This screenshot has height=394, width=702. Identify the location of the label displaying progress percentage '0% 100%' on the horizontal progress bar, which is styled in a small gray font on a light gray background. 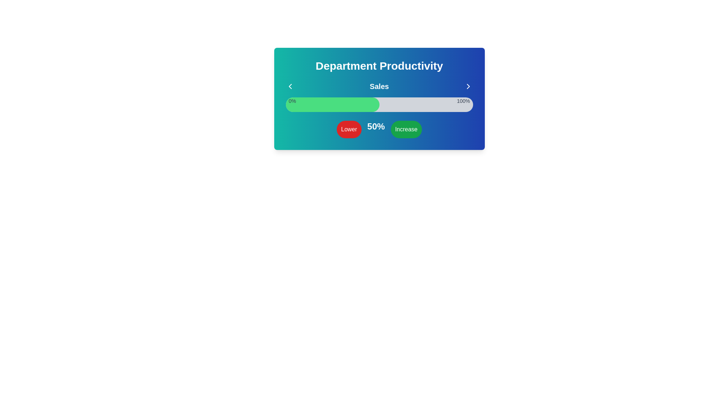
(379, 101).